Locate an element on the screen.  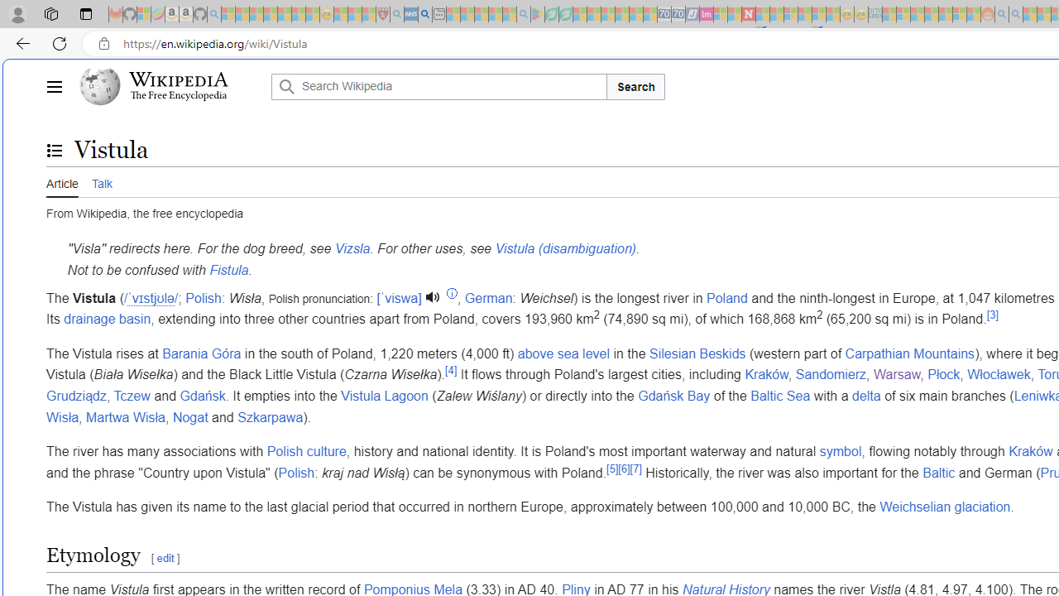
'Sandomierz' is located at coordinates (831, 375).